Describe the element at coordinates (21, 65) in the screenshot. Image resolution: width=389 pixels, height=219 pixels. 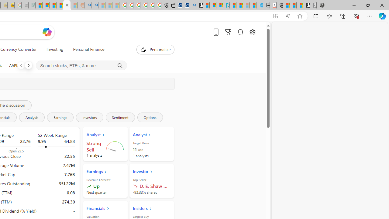
I see `'Previous'` at that location.